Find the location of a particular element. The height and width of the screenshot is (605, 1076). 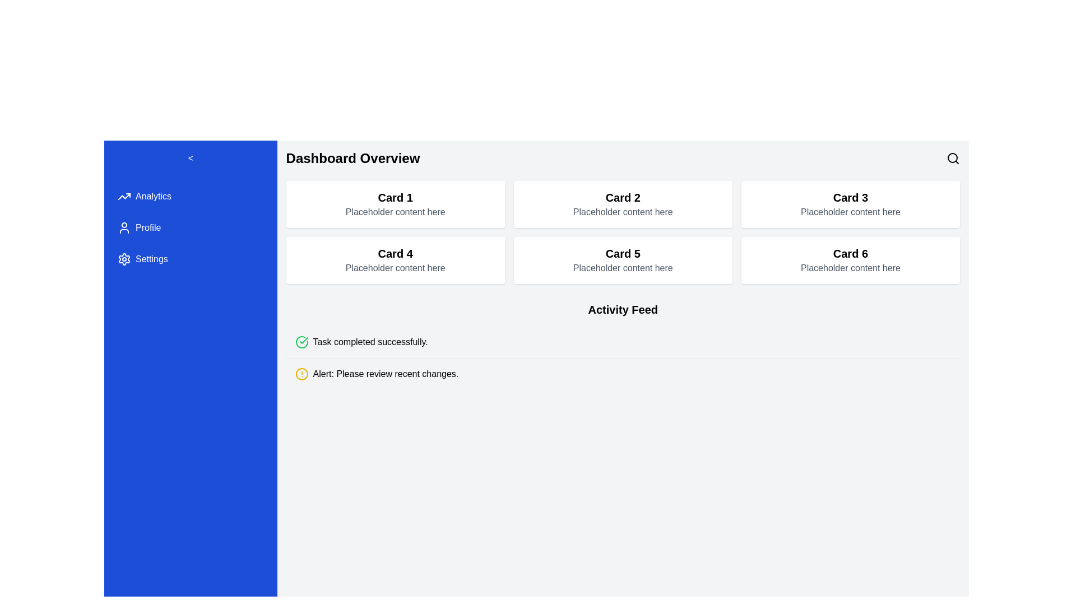

the upward trend arrow icon in the side navigation bar that represents the 'Analytics' option is located at coordinates (124, 196).